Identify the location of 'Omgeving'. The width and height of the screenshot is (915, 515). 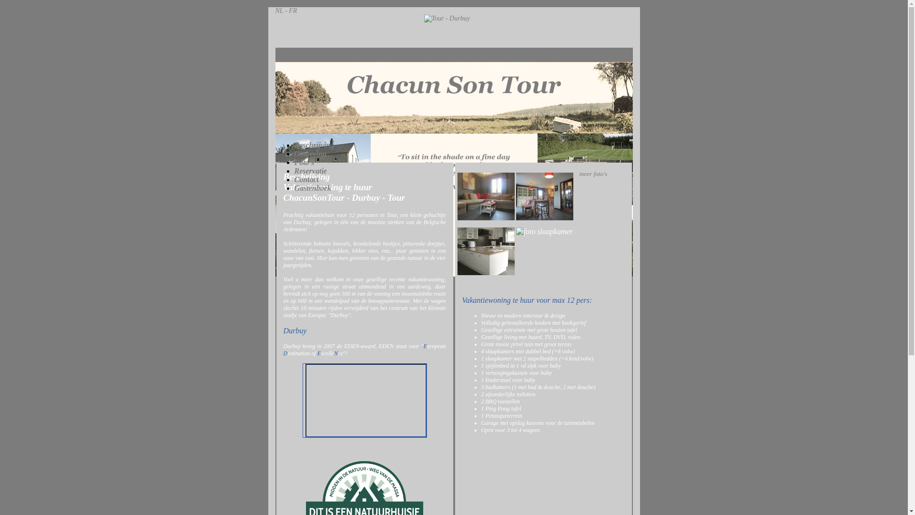
(311, 153).